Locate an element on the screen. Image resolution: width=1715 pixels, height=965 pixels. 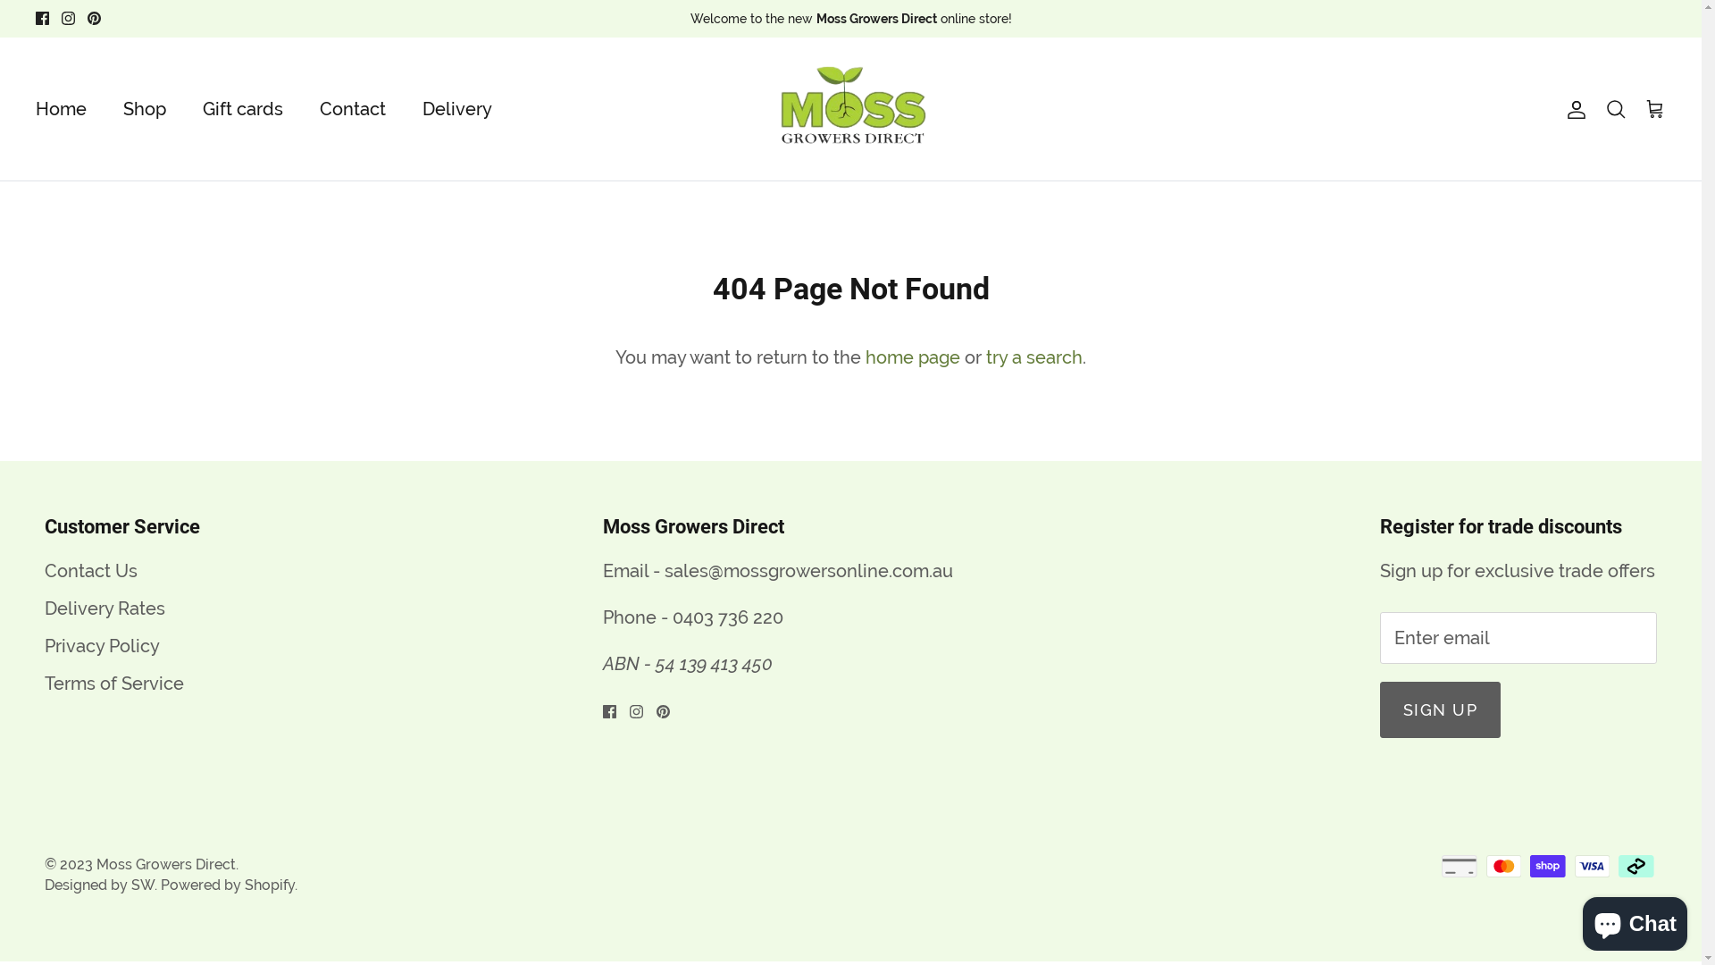
'Designed by SW' is located at coordinates (98, 885).